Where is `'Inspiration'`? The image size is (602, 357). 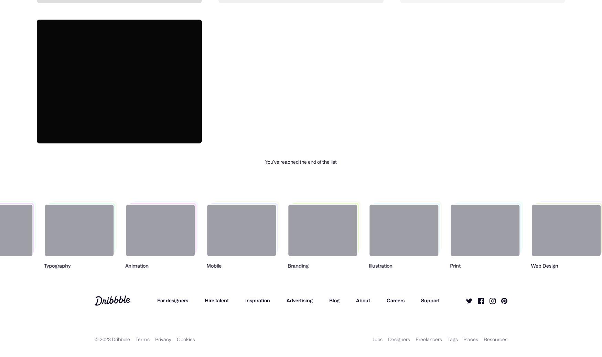
'Inspiration' is located at coordinates (257, 300).